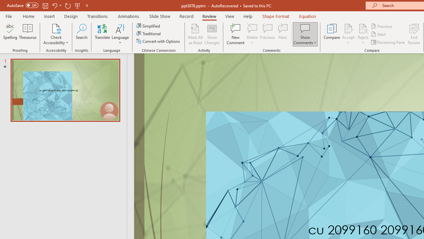  Describe the element at coordinates (382, 26) in the screenshot. I see `'Previous'` at that location.